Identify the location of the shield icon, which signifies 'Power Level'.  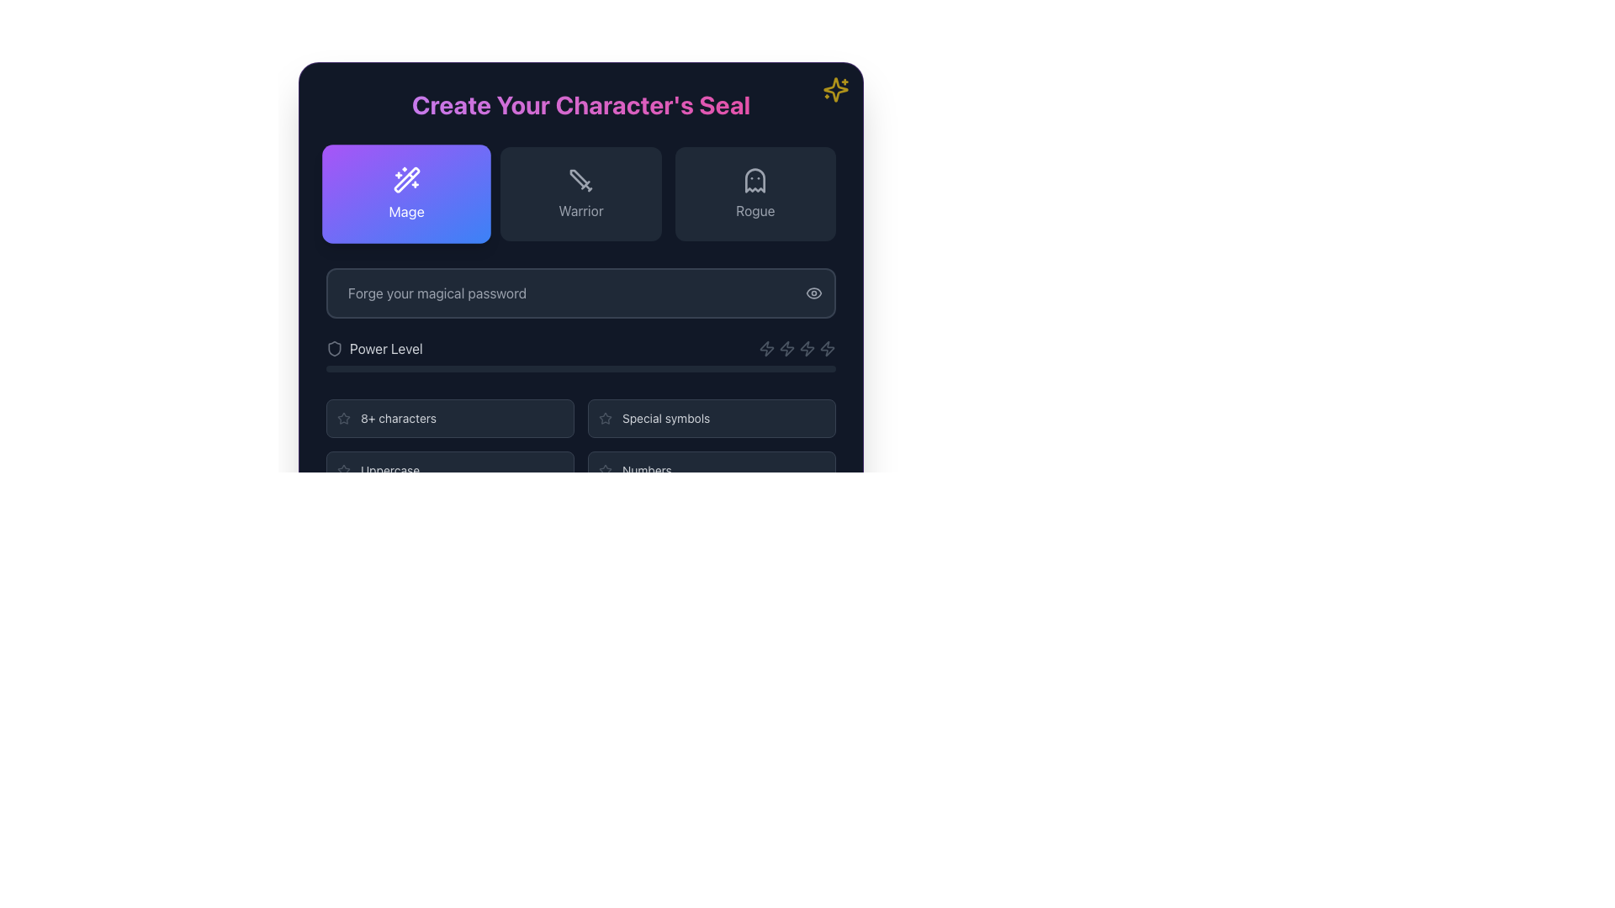
(335, 348).